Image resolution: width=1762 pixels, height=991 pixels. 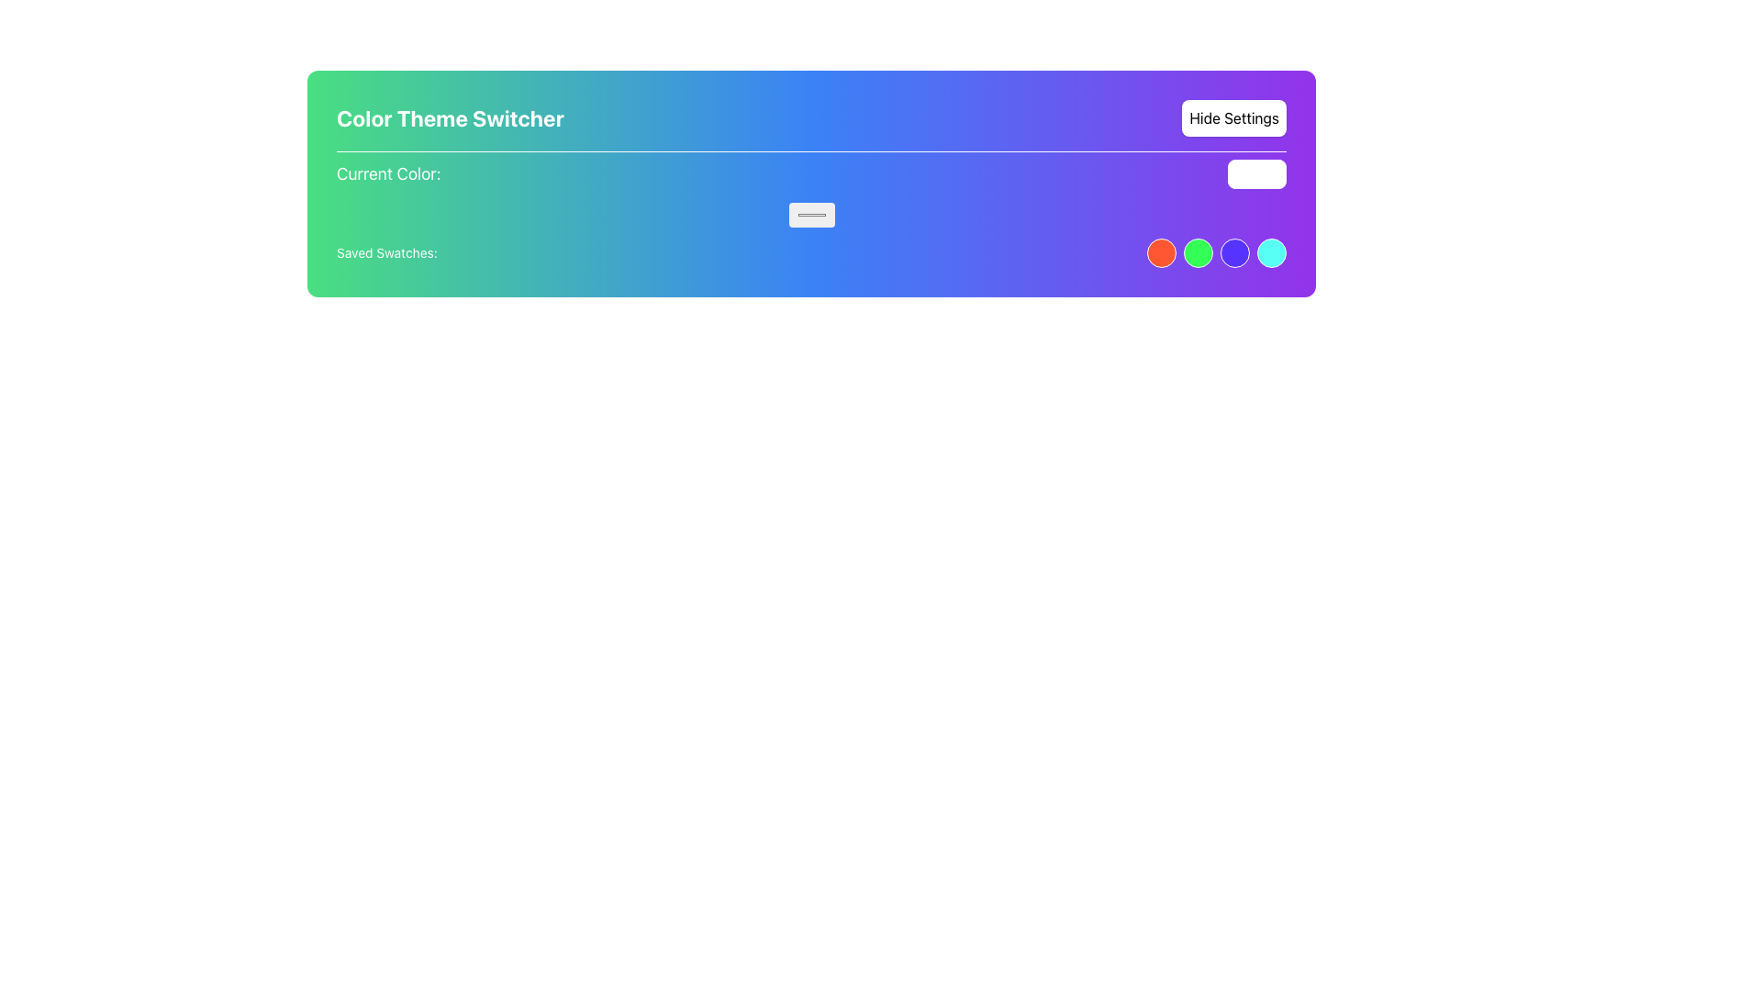 What do you see at coordinates (1234, 117) in the screenshot?
I see `the white button with rounded corners labeled 'Hide Settings'` at bounding box center [1234, 117].